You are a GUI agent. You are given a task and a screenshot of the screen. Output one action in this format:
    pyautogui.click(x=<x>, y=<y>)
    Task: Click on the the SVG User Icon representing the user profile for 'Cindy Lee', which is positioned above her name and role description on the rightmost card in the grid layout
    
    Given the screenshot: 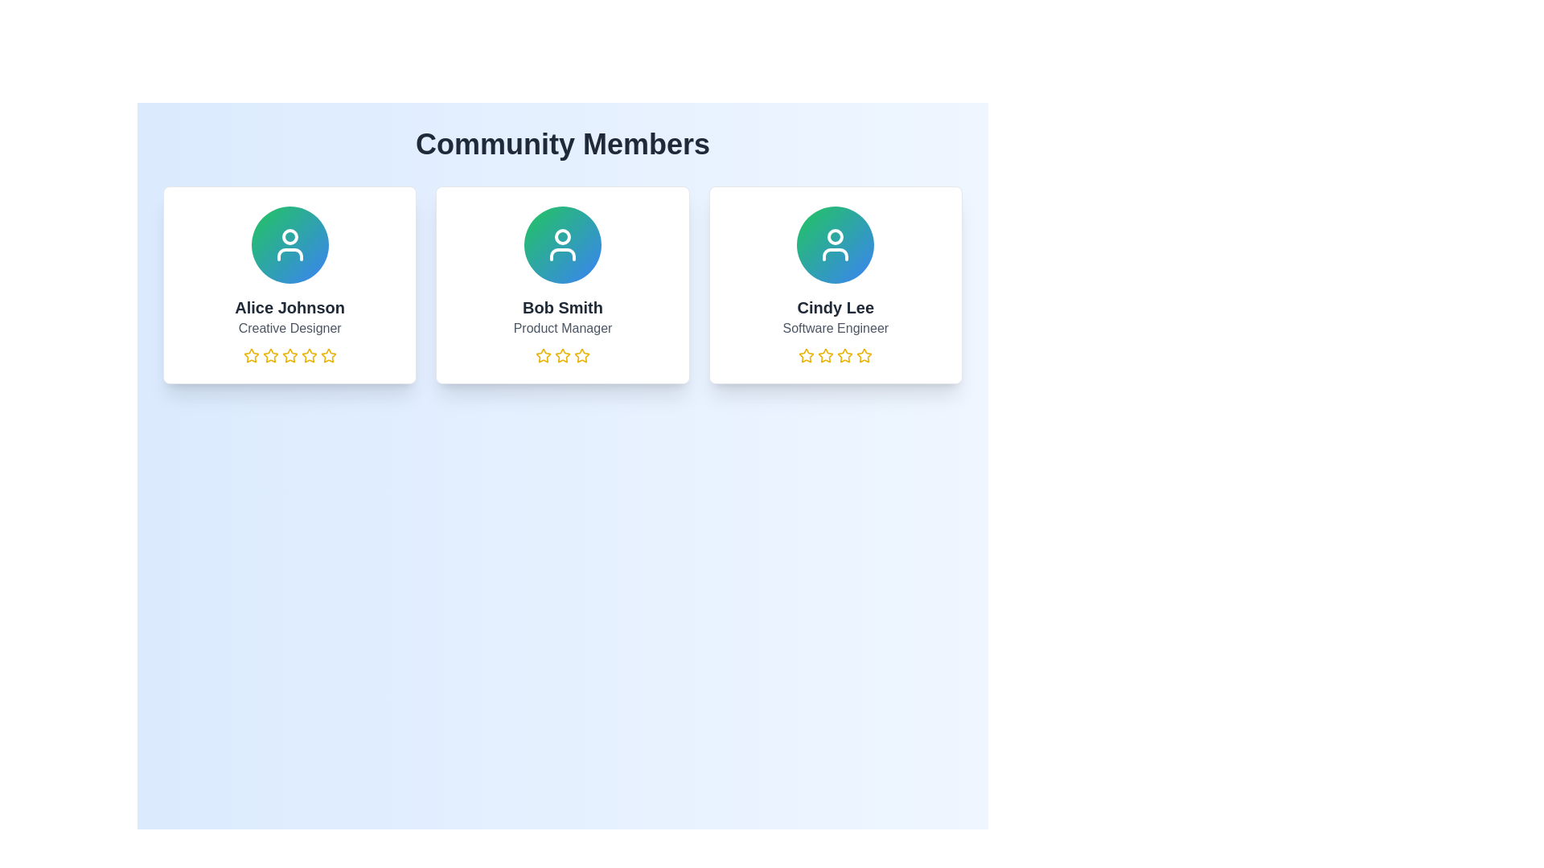 What is the action you would take?
    pyautogui.click(x=836, y=244)
    